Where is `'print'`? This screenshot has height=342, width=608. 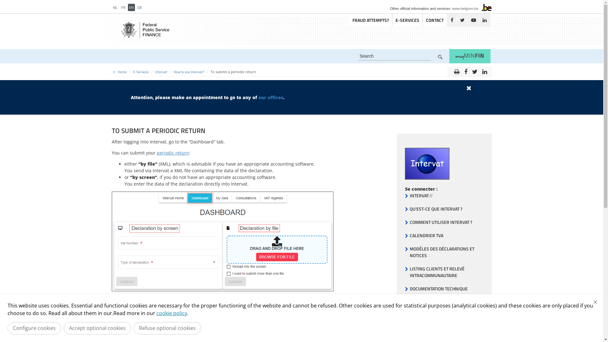 'print' is located at coordinates (456, 70).